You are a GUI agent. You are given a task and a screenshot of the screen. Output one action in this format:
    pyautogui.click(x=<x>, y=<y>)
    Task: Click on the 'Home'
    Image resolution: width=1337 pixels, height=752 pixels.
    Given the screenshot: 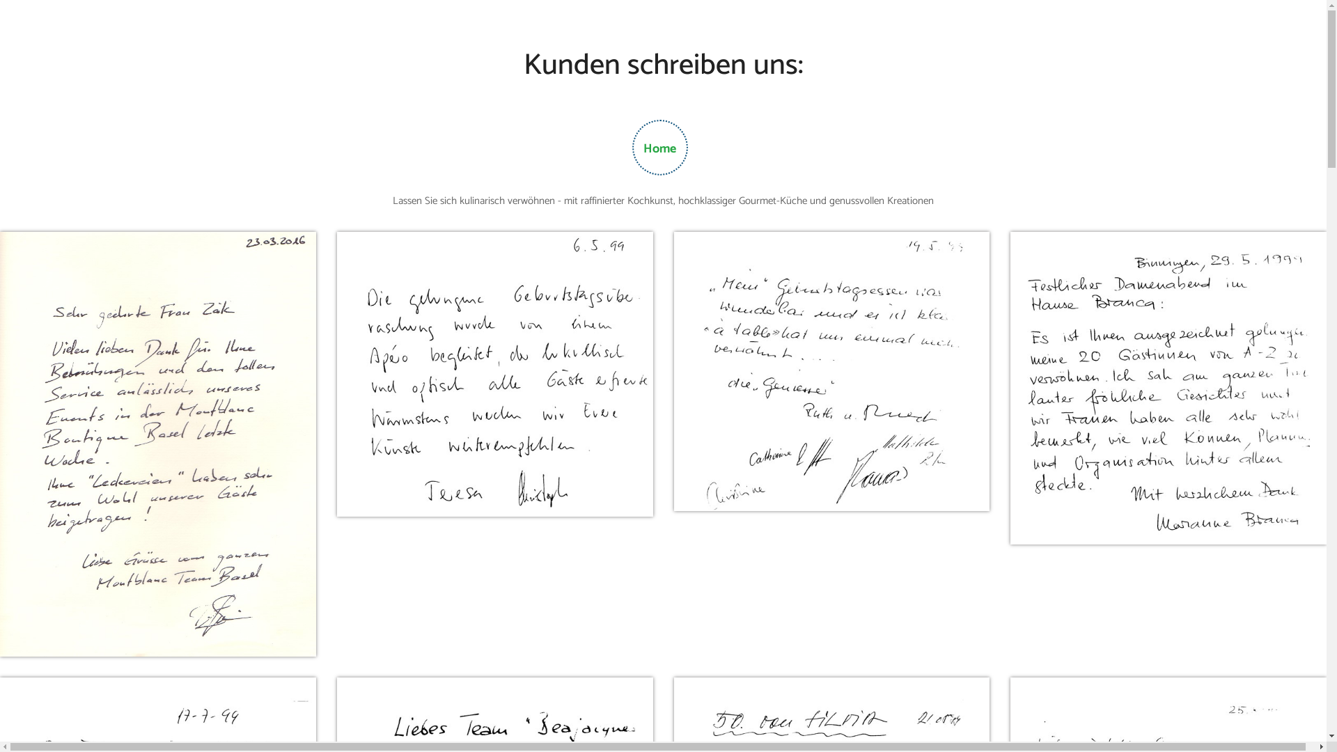 What is the action you would take?
    pyautogui.click(x=659, y=148)
    